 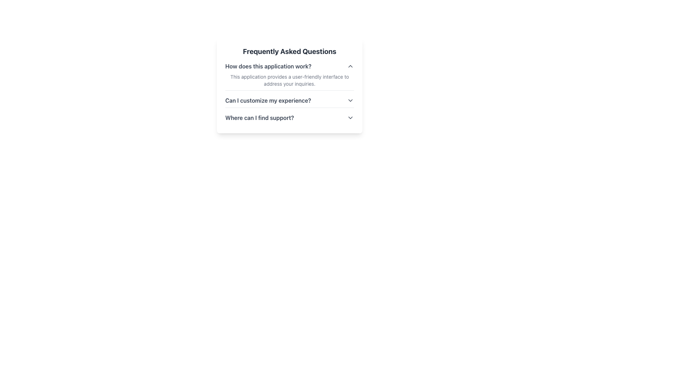 What do you see at coordinates (289, 102) in the screenshot?
I see `the second collapsible section header in the FAQ interface to change its visual styling` at bounding box center [289, 102].